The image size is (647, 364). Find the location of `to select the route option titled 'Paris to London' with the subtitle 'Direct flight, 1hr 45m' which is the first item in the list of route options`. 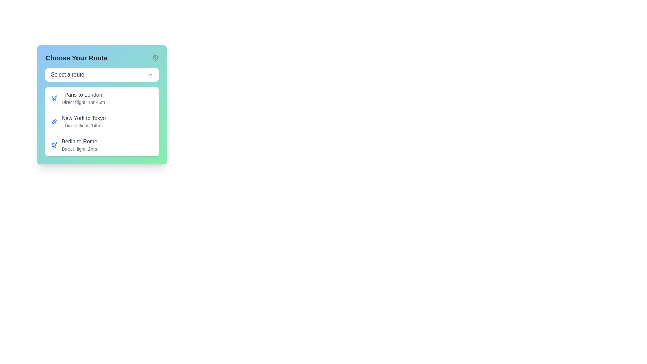

to select the route option titled 'Paris to London' with the subtitle 'Direct flight, 1hr 45m' which is the first item in the list of route options is located at coordinates (101, 98).